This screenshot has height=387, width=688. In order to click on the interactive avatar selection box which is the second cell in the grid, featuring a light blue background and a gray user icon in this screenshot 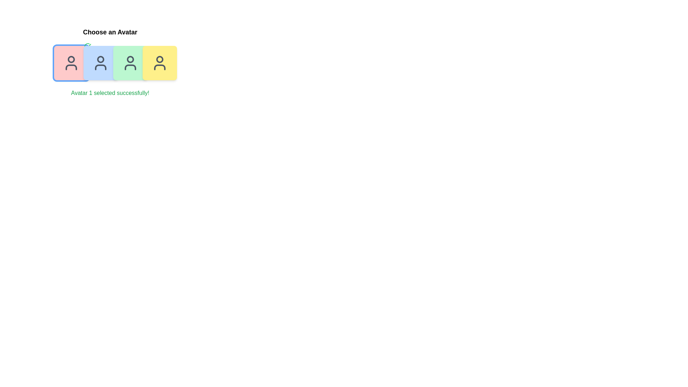, I will do `click(110, 63)`.